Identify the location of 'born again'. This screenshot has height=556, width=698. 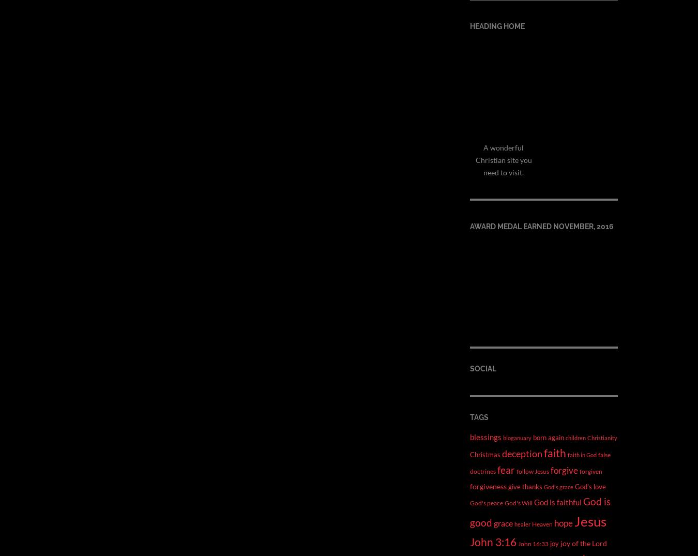
(548, 438).